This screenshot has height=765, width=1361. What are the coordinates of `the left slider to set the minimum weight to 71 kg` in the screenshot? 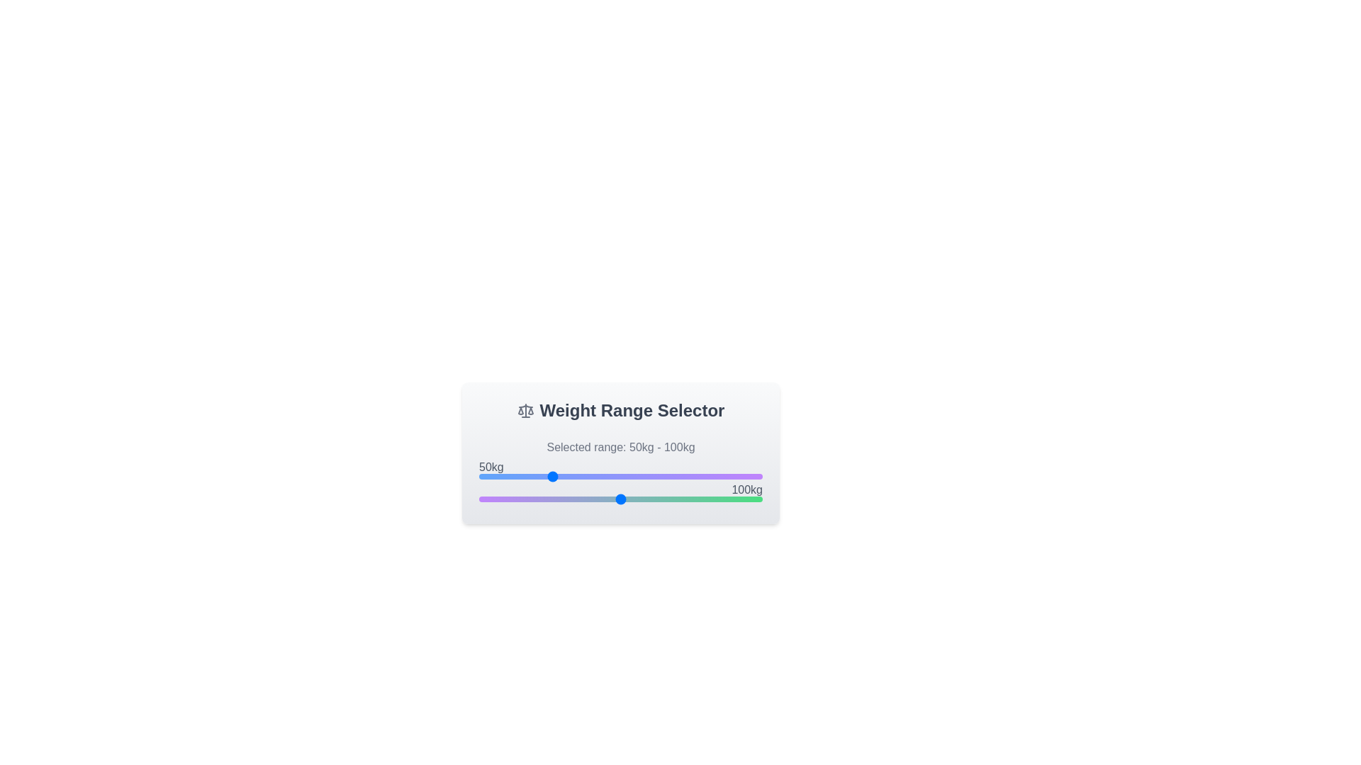 It's located at (579, 476).